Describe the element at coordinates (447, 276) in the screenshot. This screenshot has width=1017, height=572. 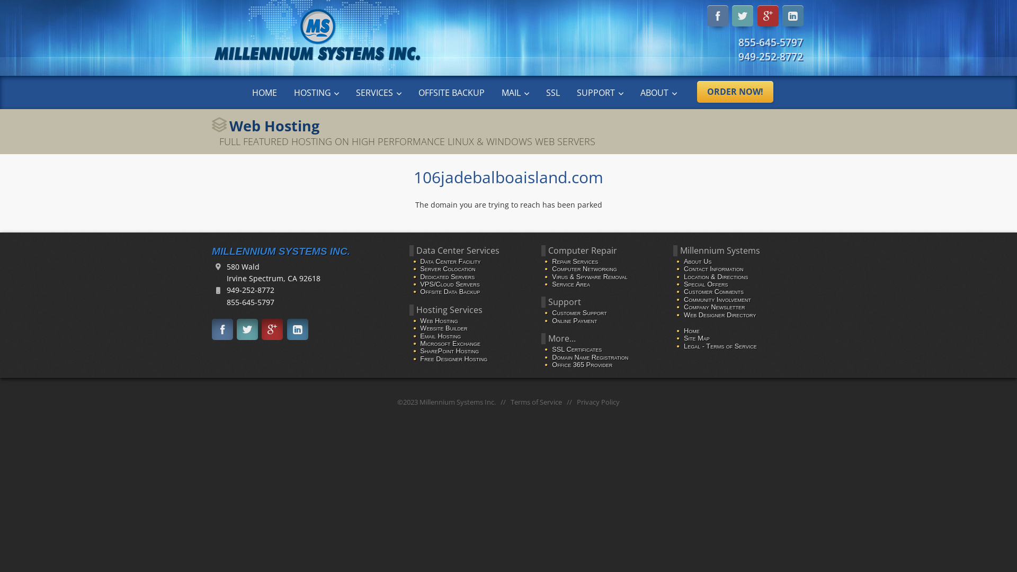
I see `'Dedicated Servers'` at that location.